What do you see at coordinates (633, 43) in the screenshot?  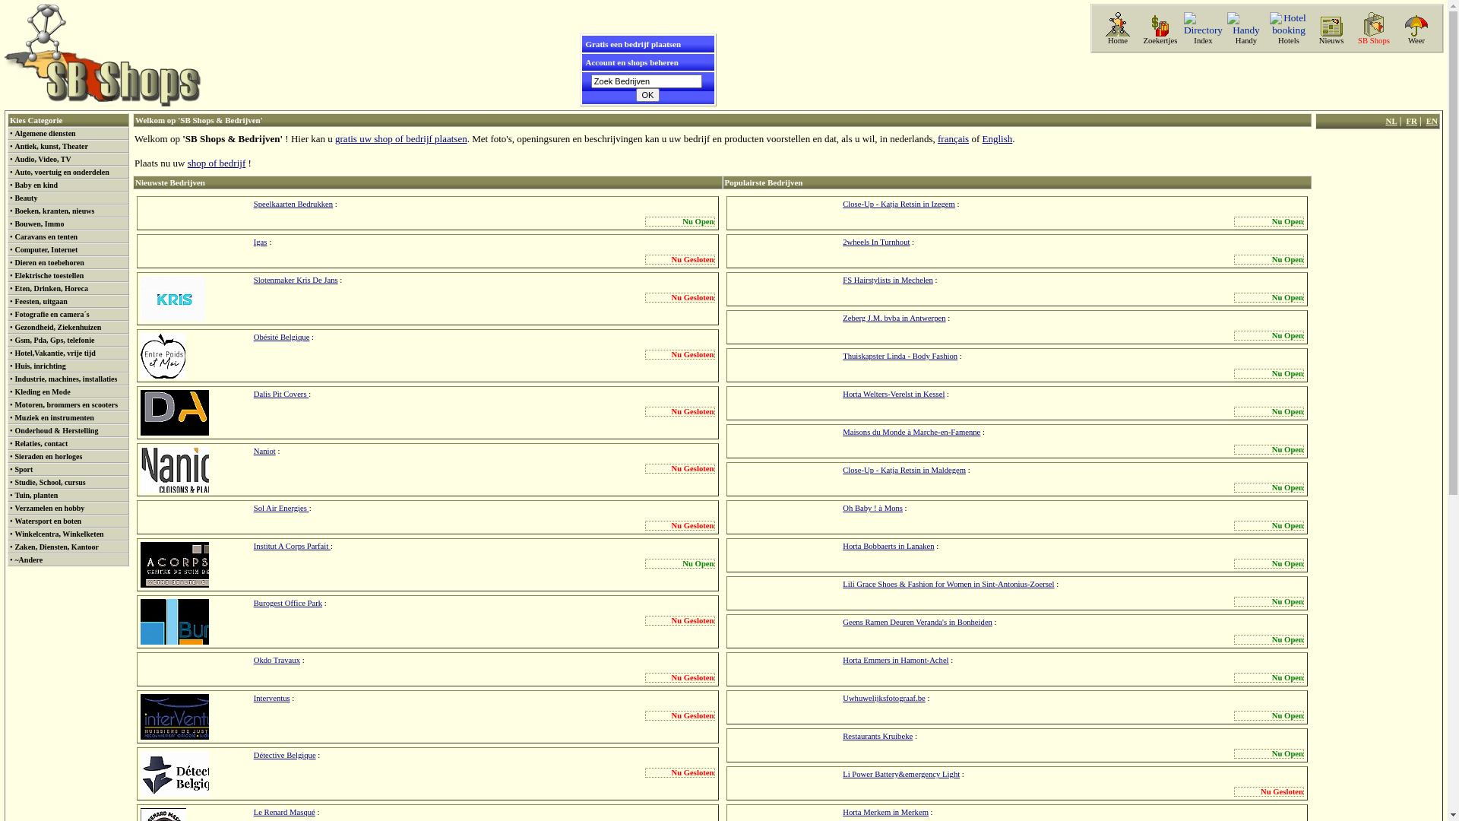 I see `'Gratis een bedrijf plaatsen'` at bounding box center [633, 43].